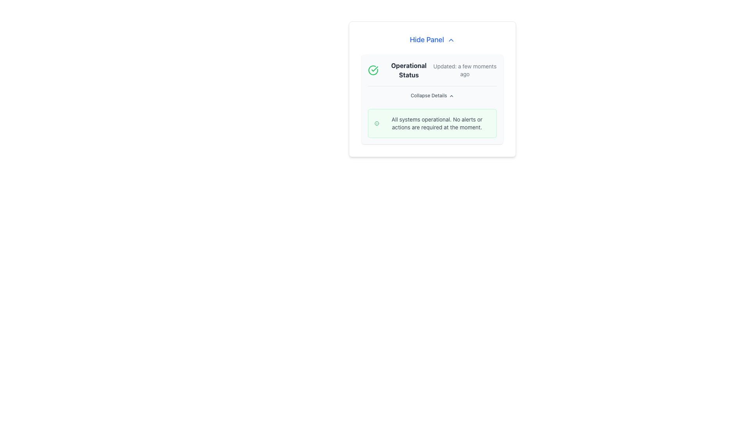 This screenshot has height=422, width=750. I want to click on the informational indicator icon located in the upper-left corner of the notification box, adjacent to the message 'All systems operational. No alerts or actions are required at the moment.', so click(377, 123).